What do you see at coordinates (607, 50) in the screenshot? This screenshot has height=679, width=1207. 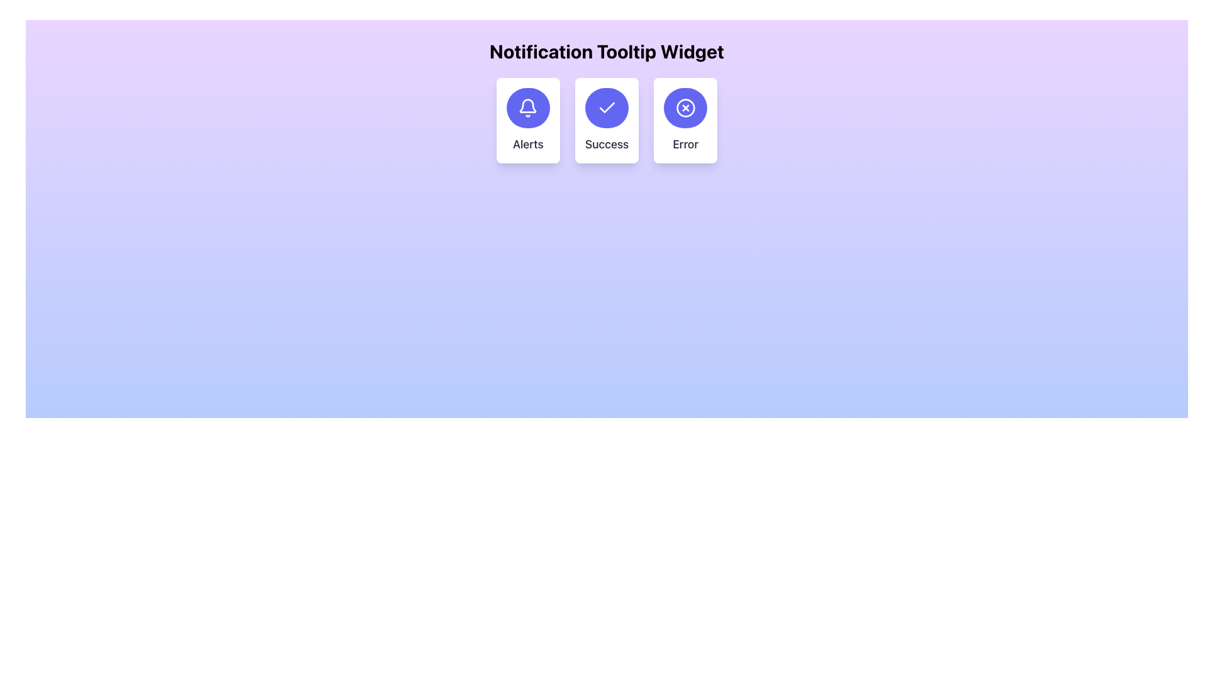 I see `the heading text element that serves as a title for the interface, positioned at the top center of the viewport` at bounding box center [607, 50].